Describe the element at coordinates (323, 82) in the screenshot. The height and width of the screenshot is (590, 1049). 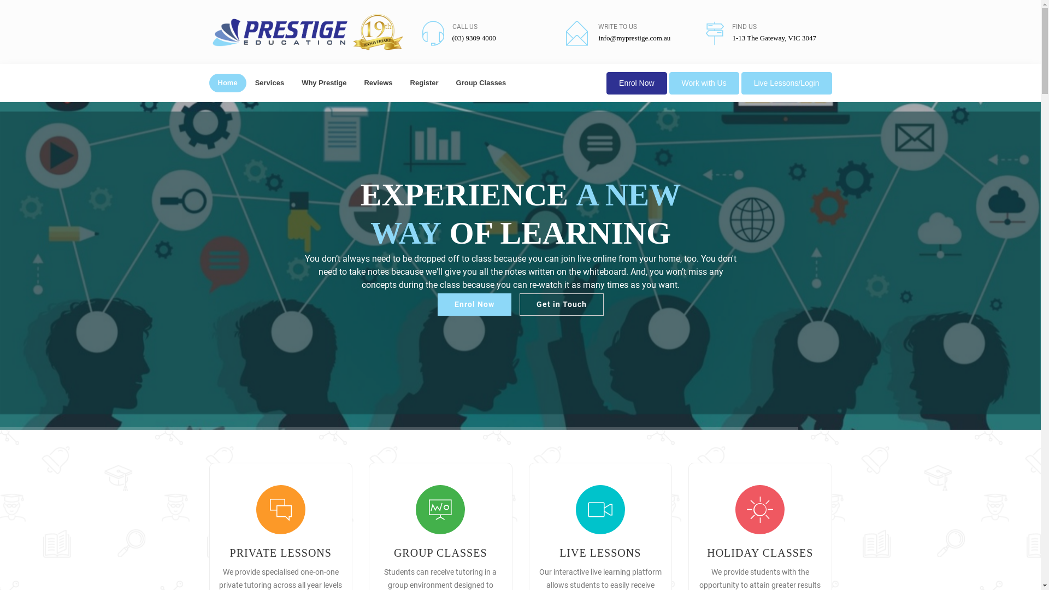
I see `'Why Prestige'` at that location.